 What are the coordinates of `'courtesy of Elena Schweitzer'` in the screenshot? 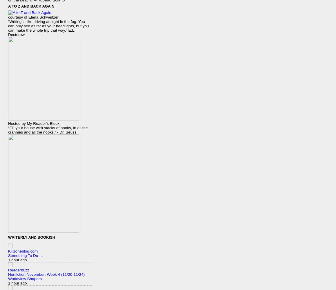 It's located at (33, 17).